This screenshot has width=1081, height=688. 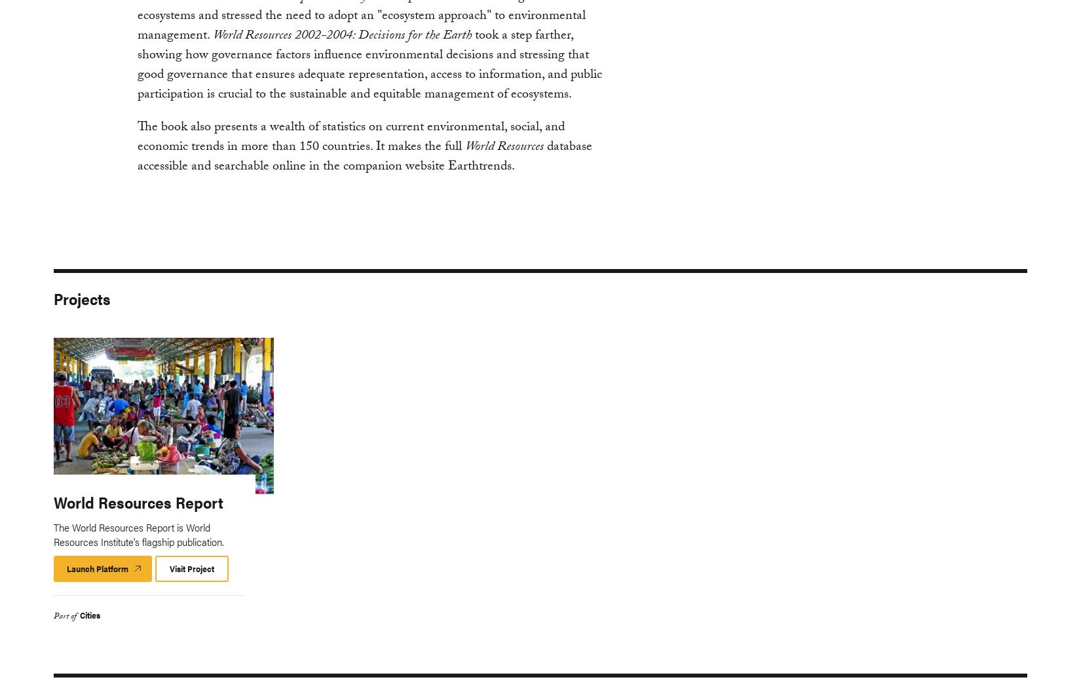 I want to click on 'World Resources Report', so click(x=138, y=501).